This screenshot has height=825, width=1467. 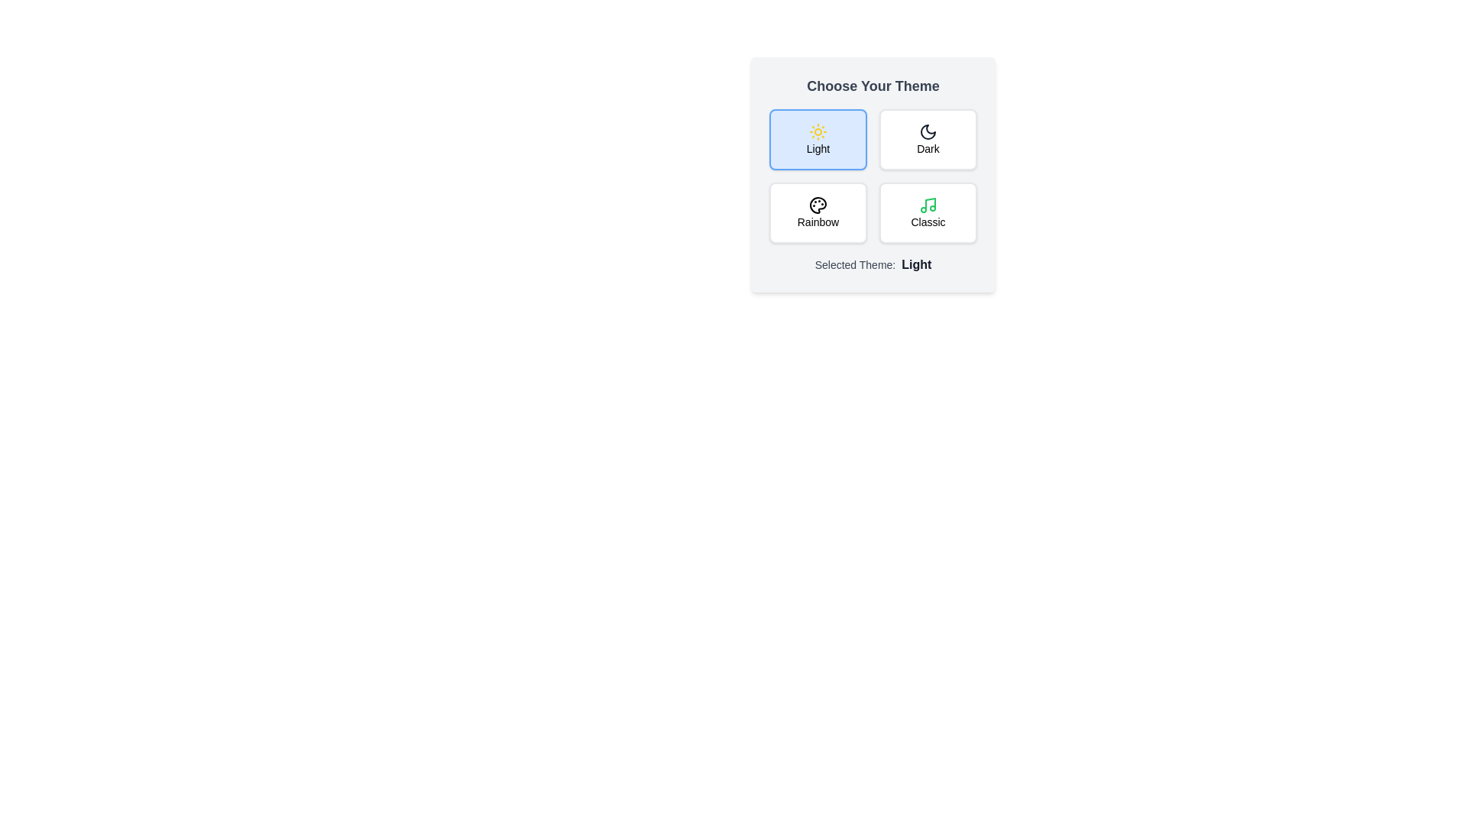 What do you see at coordinates (927, 139) in the screenshot?
I see `the theme button corresponding to the theme Dark` at bounding box center [927, 139].